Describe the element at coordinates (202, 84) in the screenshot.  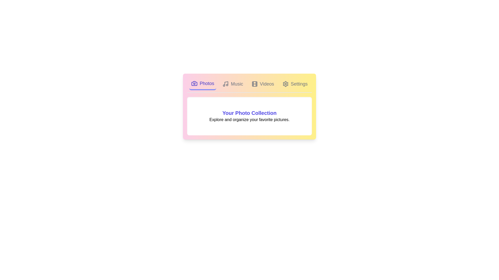
I see `the Photos tab to navigate to it` at that location.